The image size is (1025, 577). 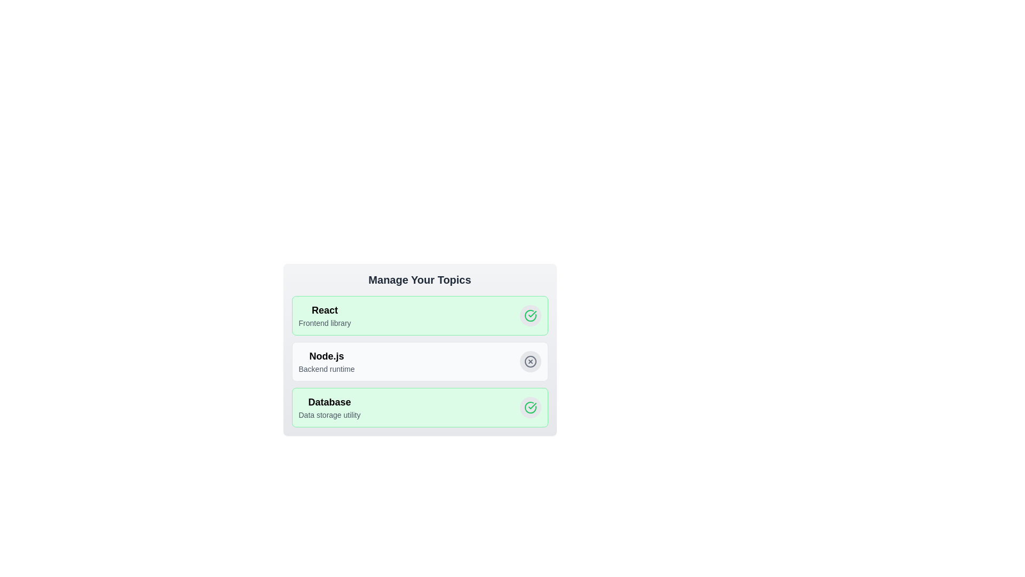 What do you see at coordinates (530, 315) in the screenshot?
I see `the tag labeled React` at bounding box center [530, 315].